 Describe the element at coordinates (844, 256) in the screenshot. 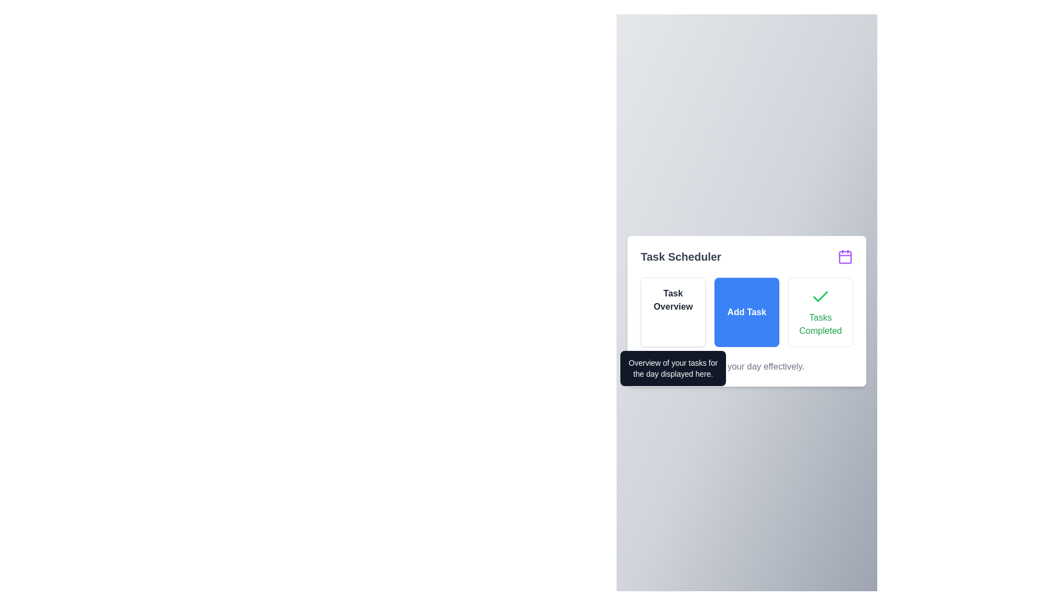

I see `the calendar icon located at the top-right corner of the Task Scheduler component` at that location.